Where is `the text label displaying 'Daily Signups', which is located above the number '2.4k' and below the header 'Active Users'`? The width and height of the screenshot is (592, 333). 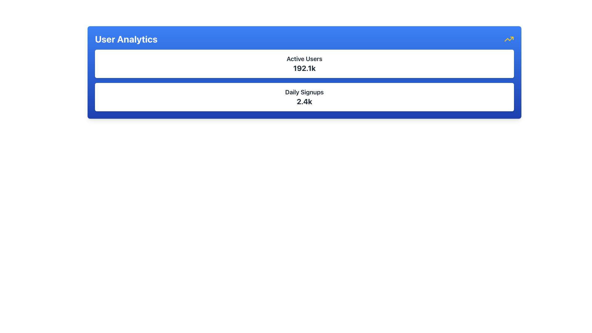 the text label displaying 'Daily Signups', which is located above the number '2.4k' and below the header 'Active Users' is located at coordinates (304, 92).